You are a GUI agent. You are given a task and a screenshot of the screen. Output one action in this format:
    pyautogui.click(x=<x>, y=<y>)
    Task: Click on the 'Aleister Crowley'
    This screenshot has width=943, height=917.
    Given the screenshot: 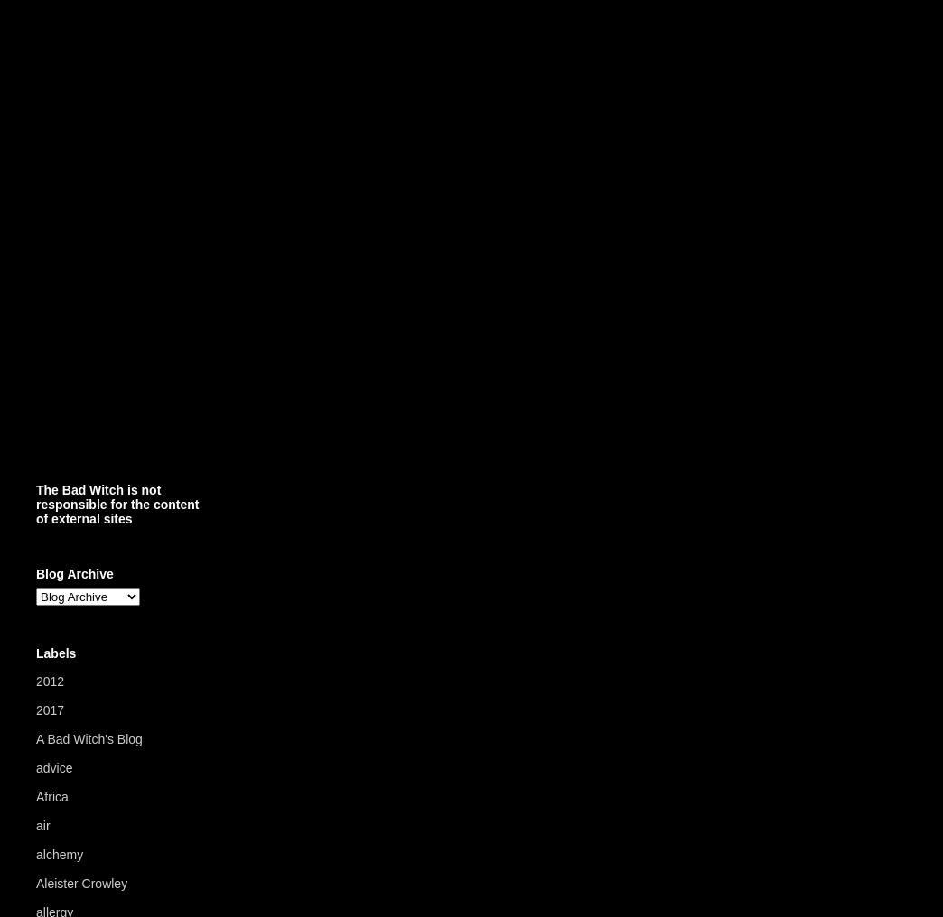 What is the action you would take?
    pyautogui.click(x=34, y=884)
    